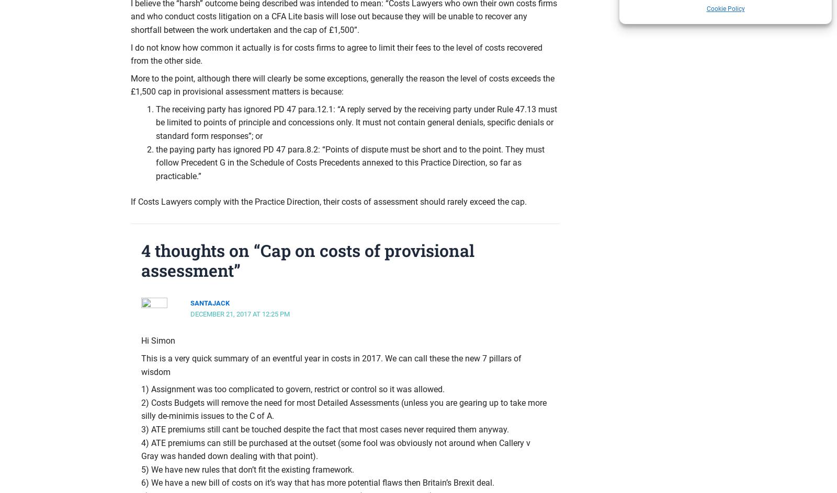  What do you see at coordinates (141, 482) in the screenshot?
I see `'6) We have a new bill of costs on it’s way that has more potential flaws then Britain’s Brexit deal.'` at bounding box center [141, 482].